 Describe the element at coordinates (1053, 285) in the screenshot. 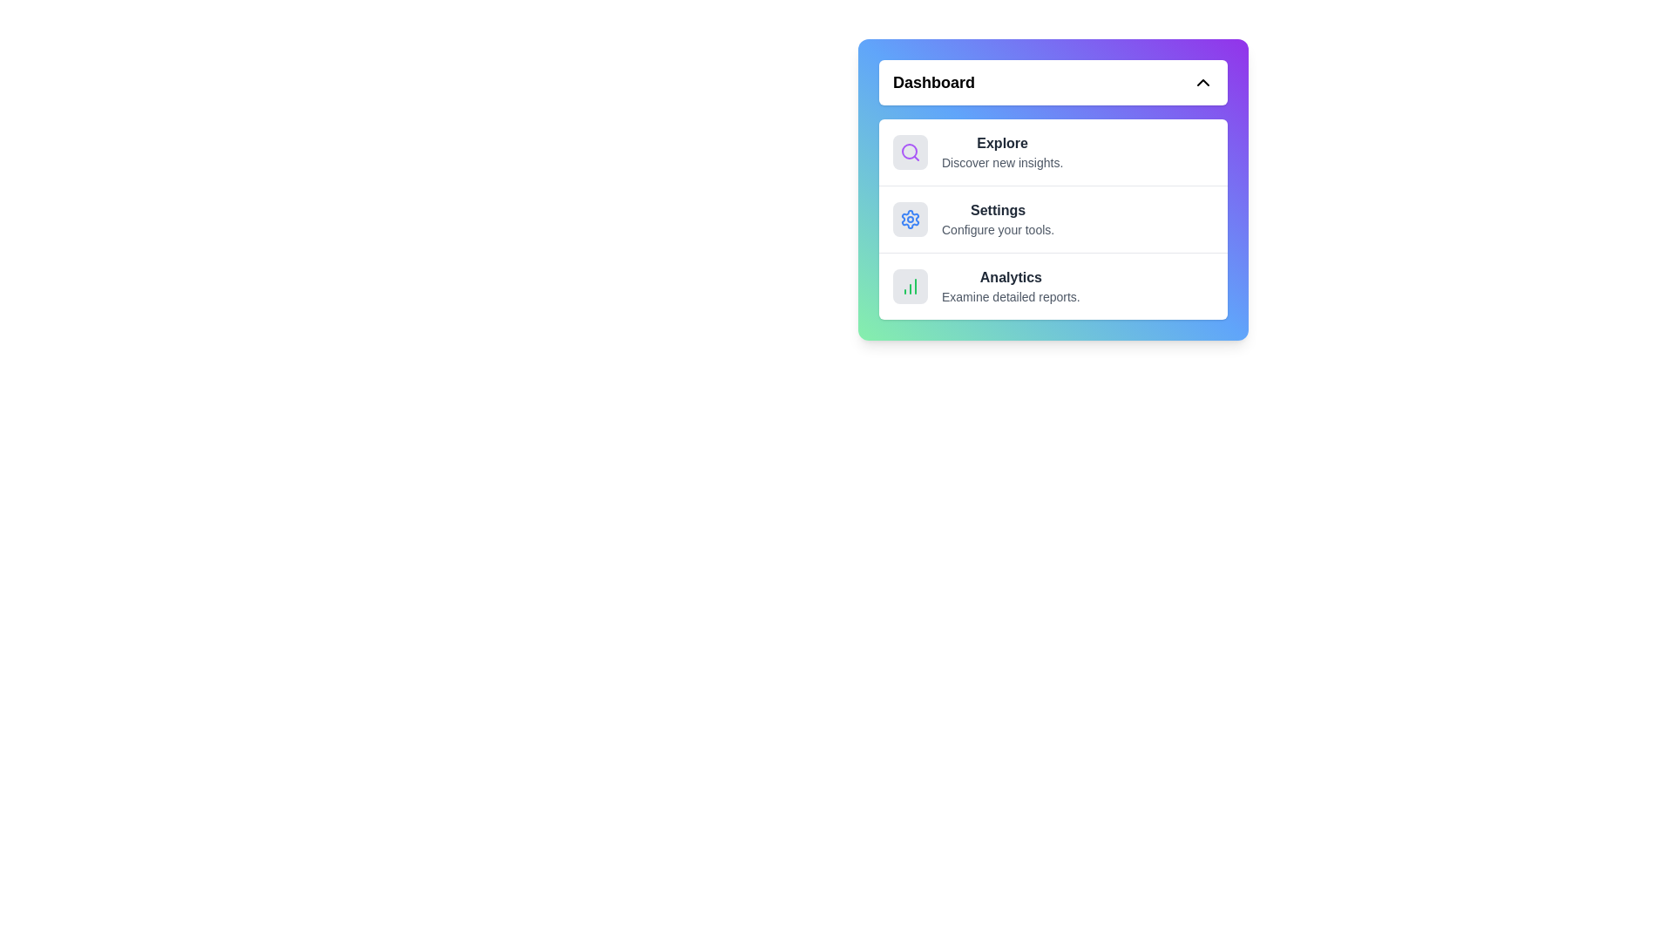

I see `the menu item corresponding to Analytics` at that location.